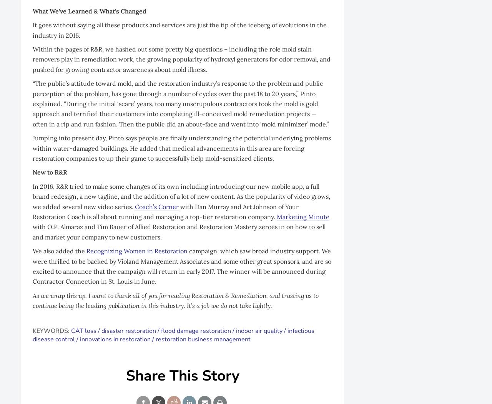 Image resolution: width=492 pixels, height=404 pixels. Describe the element at coordinates (83, 330) in the screenshot. I see `'CAT loss'` at that location.